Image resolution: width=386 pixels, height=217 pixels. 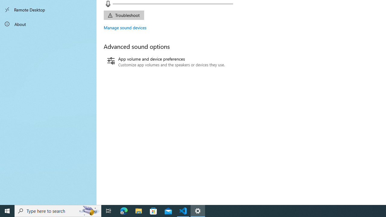 What do you see at coordinates (48, 24) in the screenshot?
I see `'About'` at bounding box center [48, 24].